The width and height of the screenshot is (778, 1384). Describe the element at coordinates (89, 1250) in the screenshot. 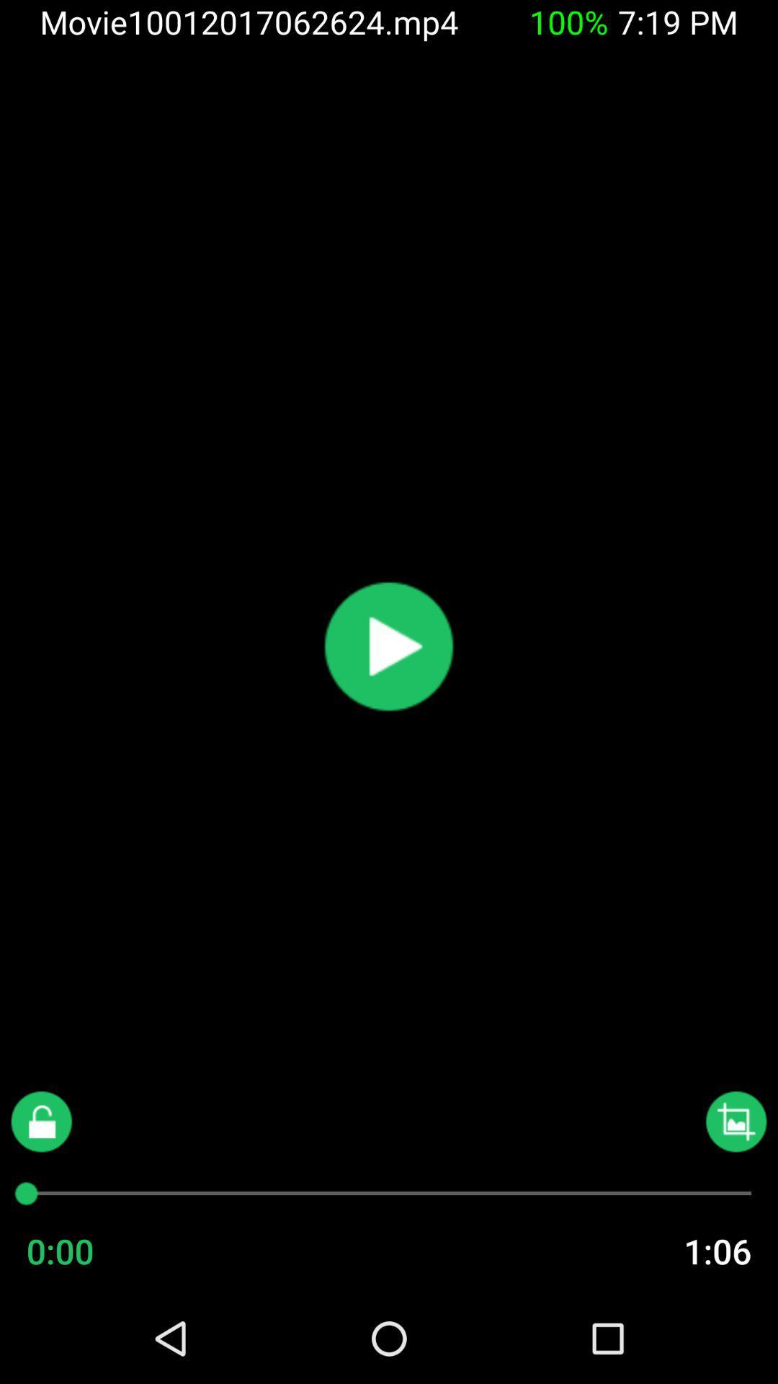

I see `the 0:00 icon` at that location.